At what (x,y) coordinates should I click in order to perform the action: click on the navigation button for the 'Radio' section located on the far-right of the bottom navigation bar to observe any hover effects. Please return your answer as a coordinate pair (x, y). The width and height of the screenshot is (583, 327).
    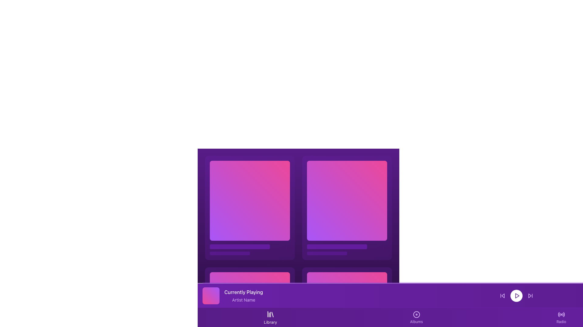
    Looking at the image, I should click on (561, 317).